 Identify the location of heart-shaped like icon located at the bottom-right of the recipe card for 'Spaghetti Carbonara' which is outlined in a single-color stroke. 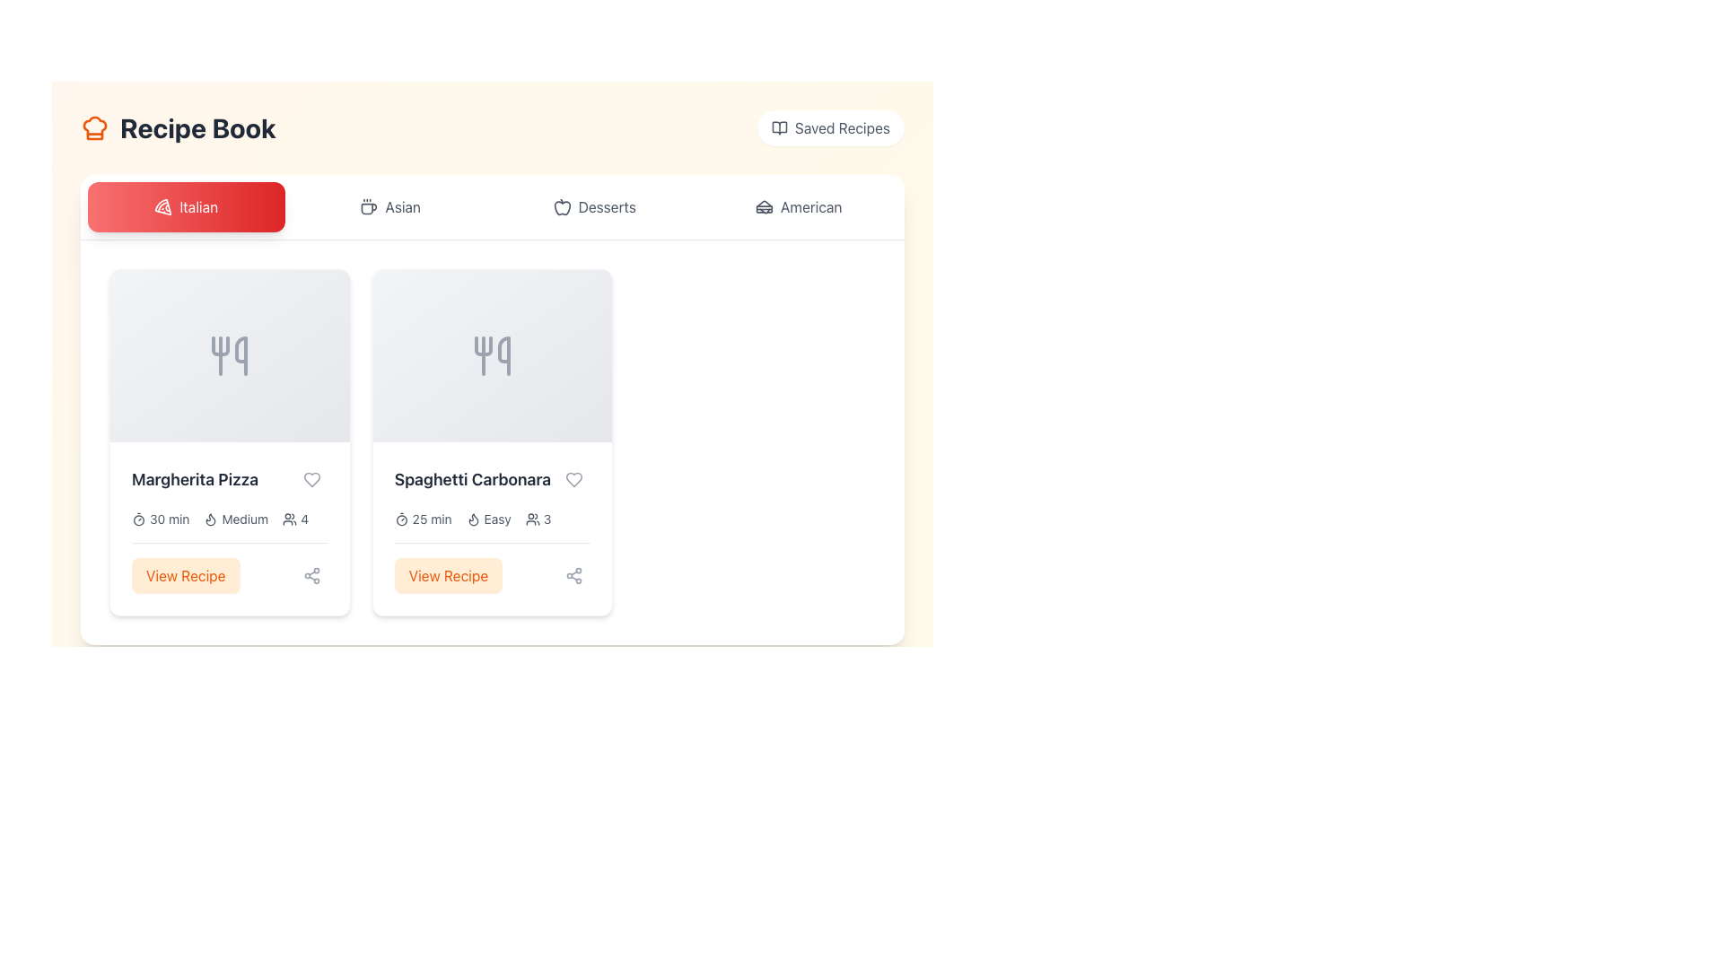
(574, 479).